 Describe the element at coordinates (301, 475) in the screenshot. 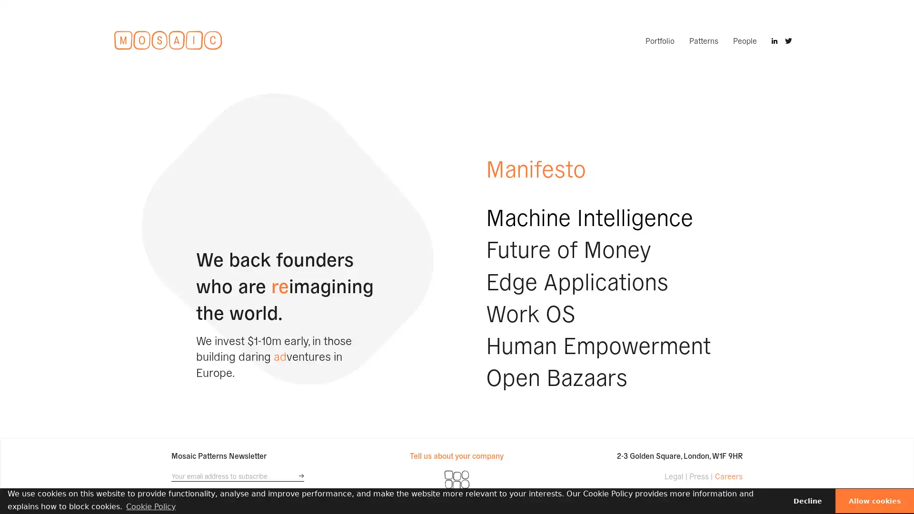

I see `Submit` at that location.